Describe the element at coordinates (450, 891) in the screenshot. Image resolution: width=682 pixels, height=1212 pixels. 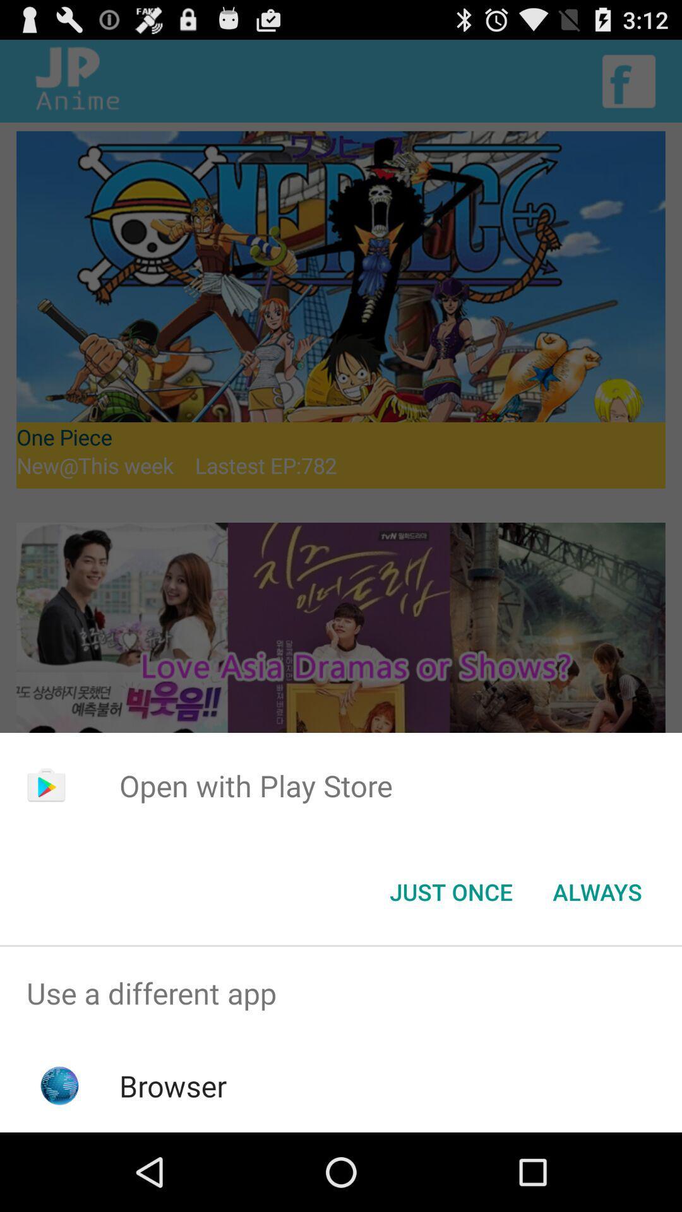
I see `button to the left of the always` at that location.